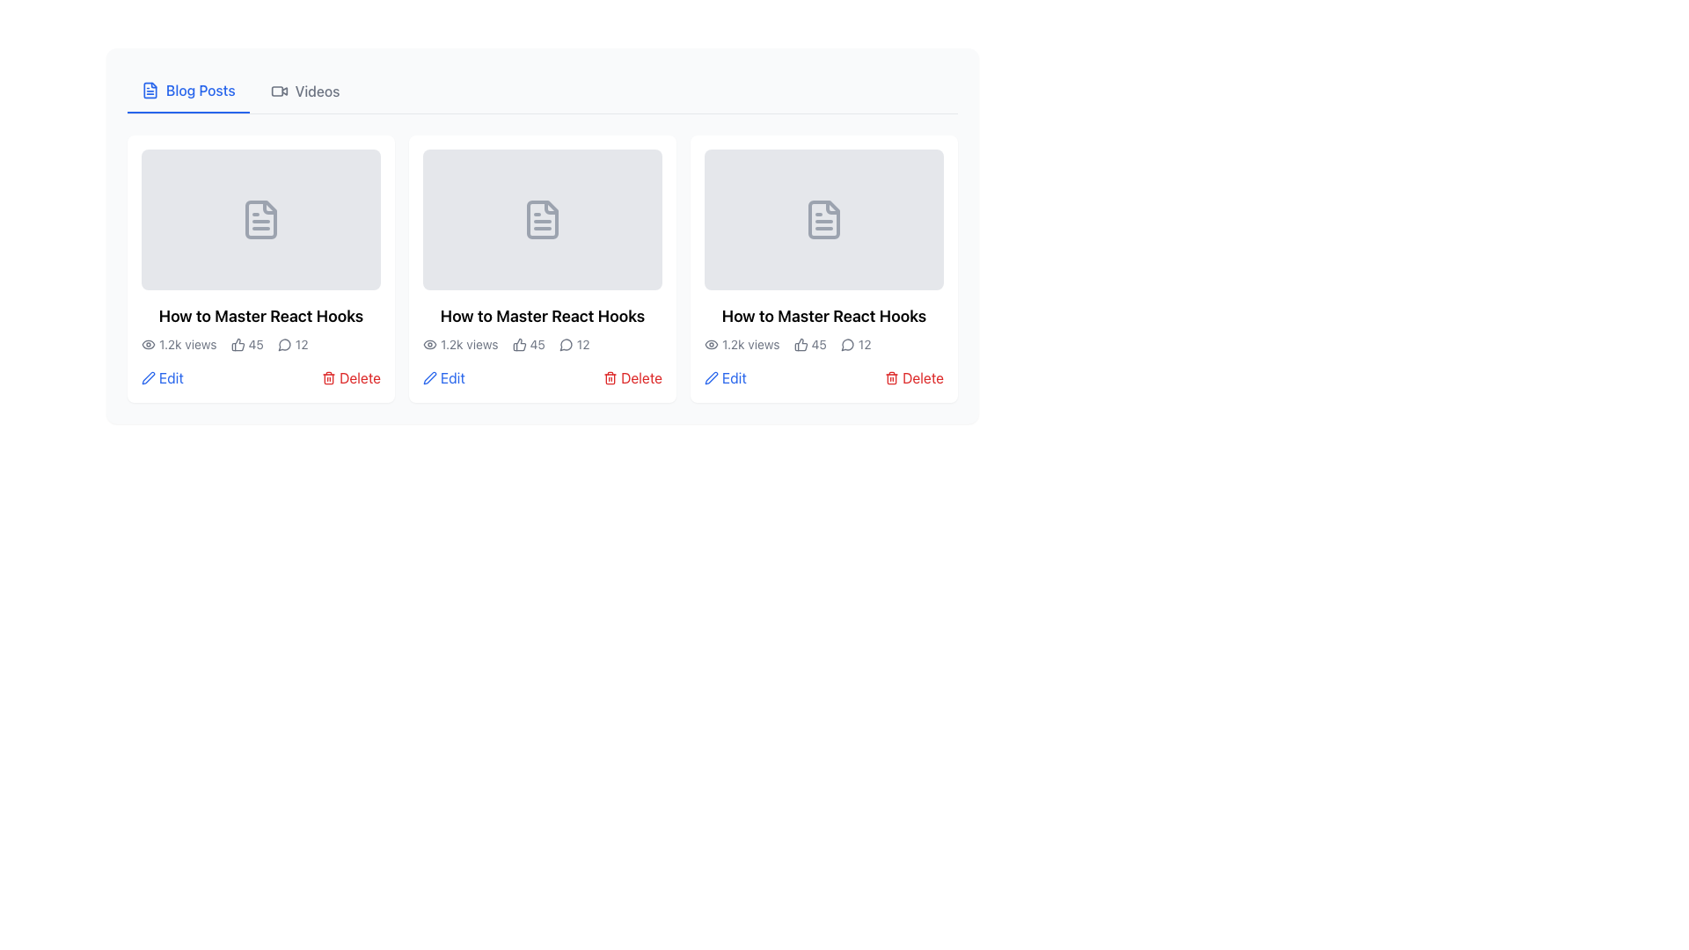 This screenshot has height=950, width=1689. I want to click on the second tab in the navigation bar that leads to the videos section when navigated via keyboard, so click(305, 91).